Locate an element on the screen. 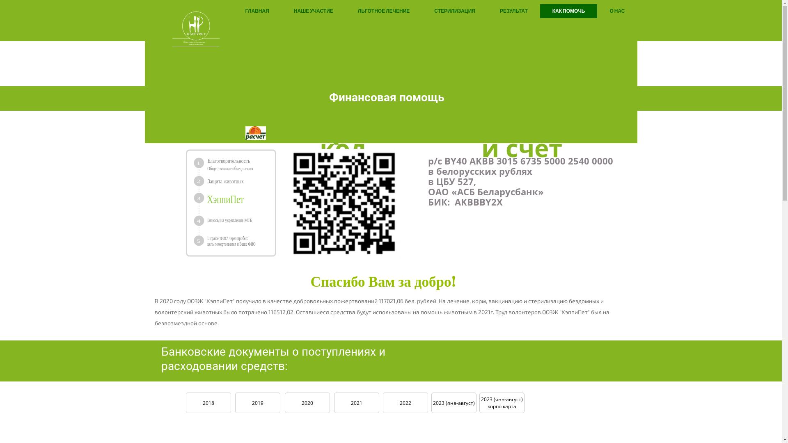  '2018' is located at coordinates (208, 402).